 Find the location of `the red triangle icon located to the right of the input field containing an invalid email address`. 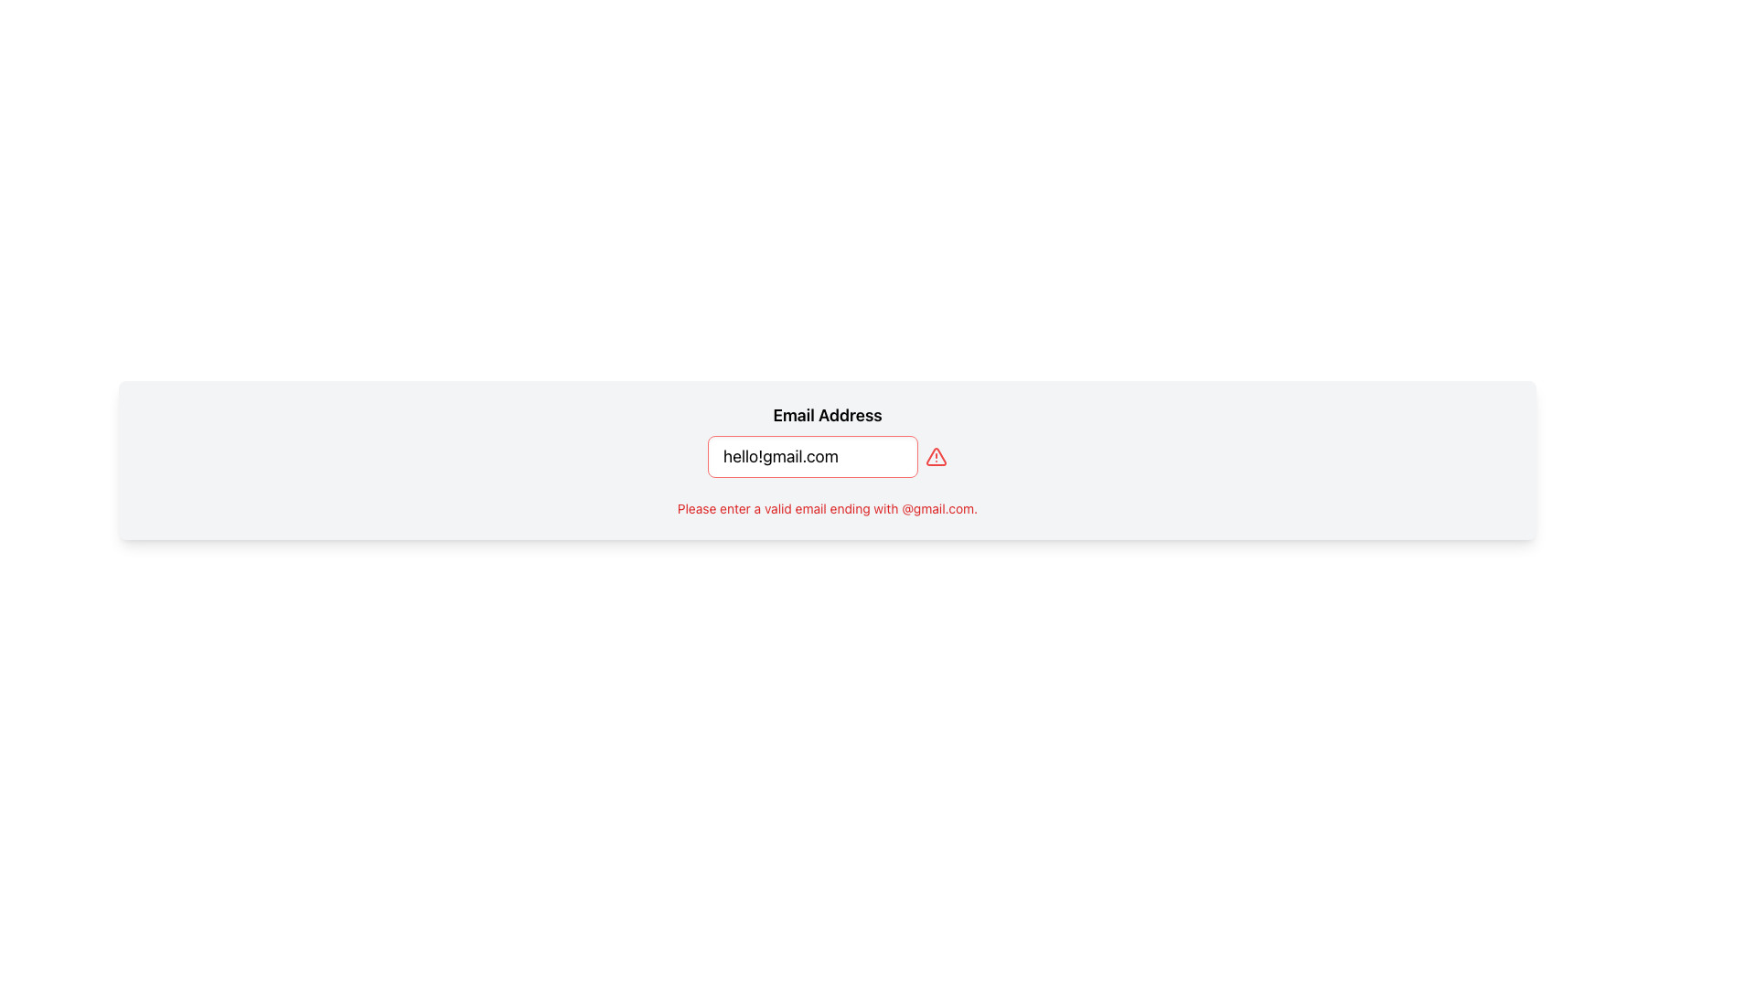

the red triangle icon located to the right of the input field containing an invalid email address is located at coordinates (936, 456).